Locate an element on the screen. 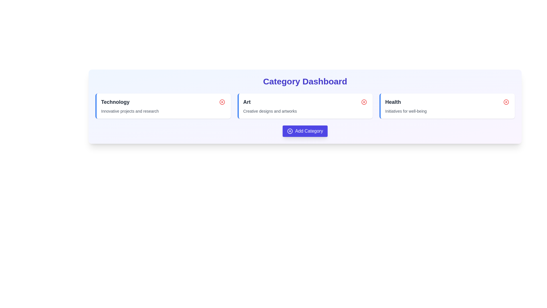 This screenshot has width=547, height=308. the static text element containing the phrase 'Innovative projects and research.' styled in a small font size and muted gray color, positioned below the 'Technology' heading is located at coordinates (130, 111).